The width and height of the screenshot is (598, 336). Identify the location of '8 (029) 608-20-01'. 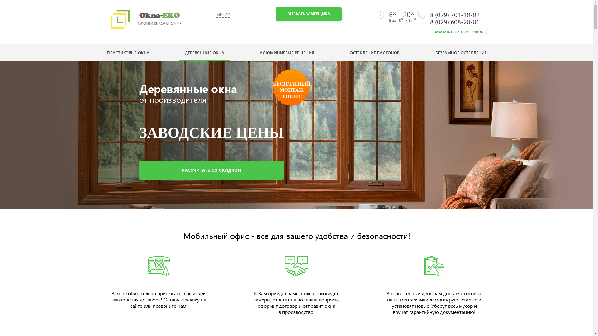
(430, 21).